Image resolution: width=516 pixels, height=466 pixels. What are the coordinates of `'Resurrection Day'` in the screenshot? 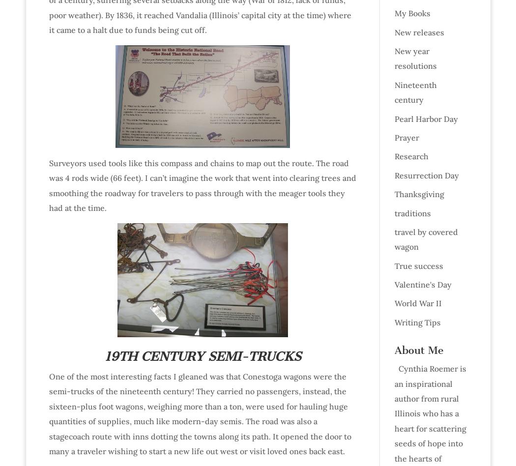 It's located at (426, 175).